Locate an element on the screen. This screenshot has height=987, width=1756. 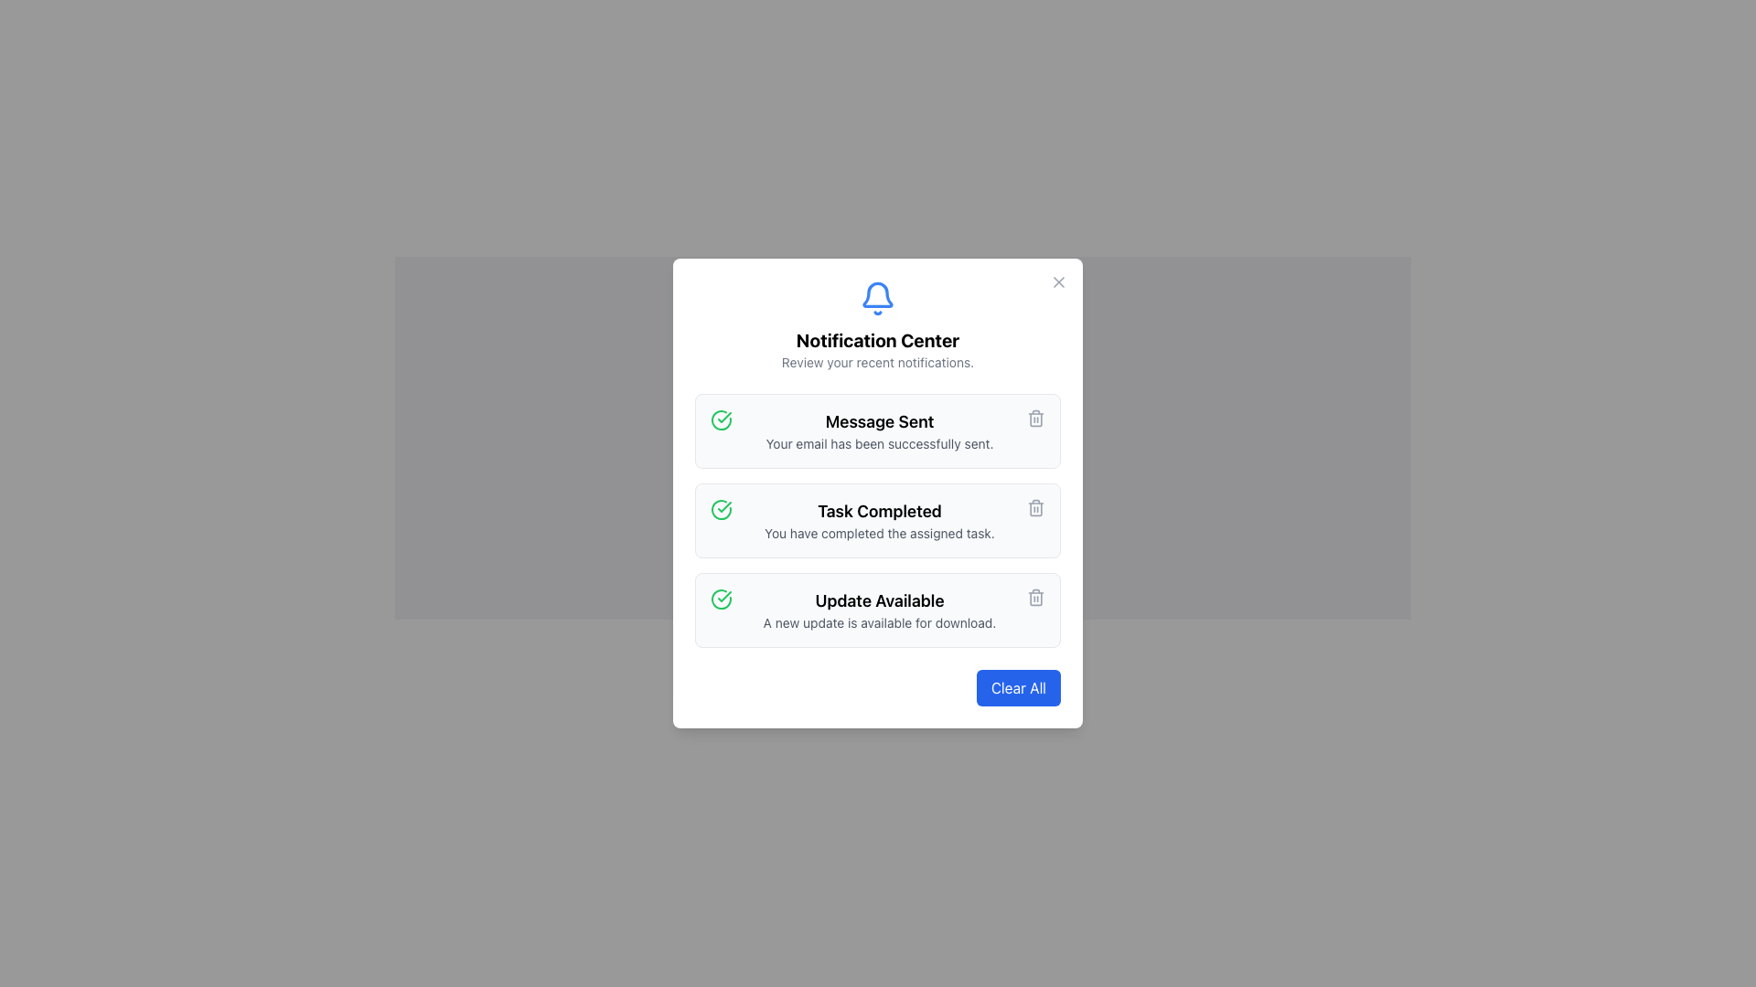
the text label displaying the message: 'You have completed the assigned task.' which is positioned under the 'Task Completed' heading in the Notification Center modal is located at coordinates (879, 533).